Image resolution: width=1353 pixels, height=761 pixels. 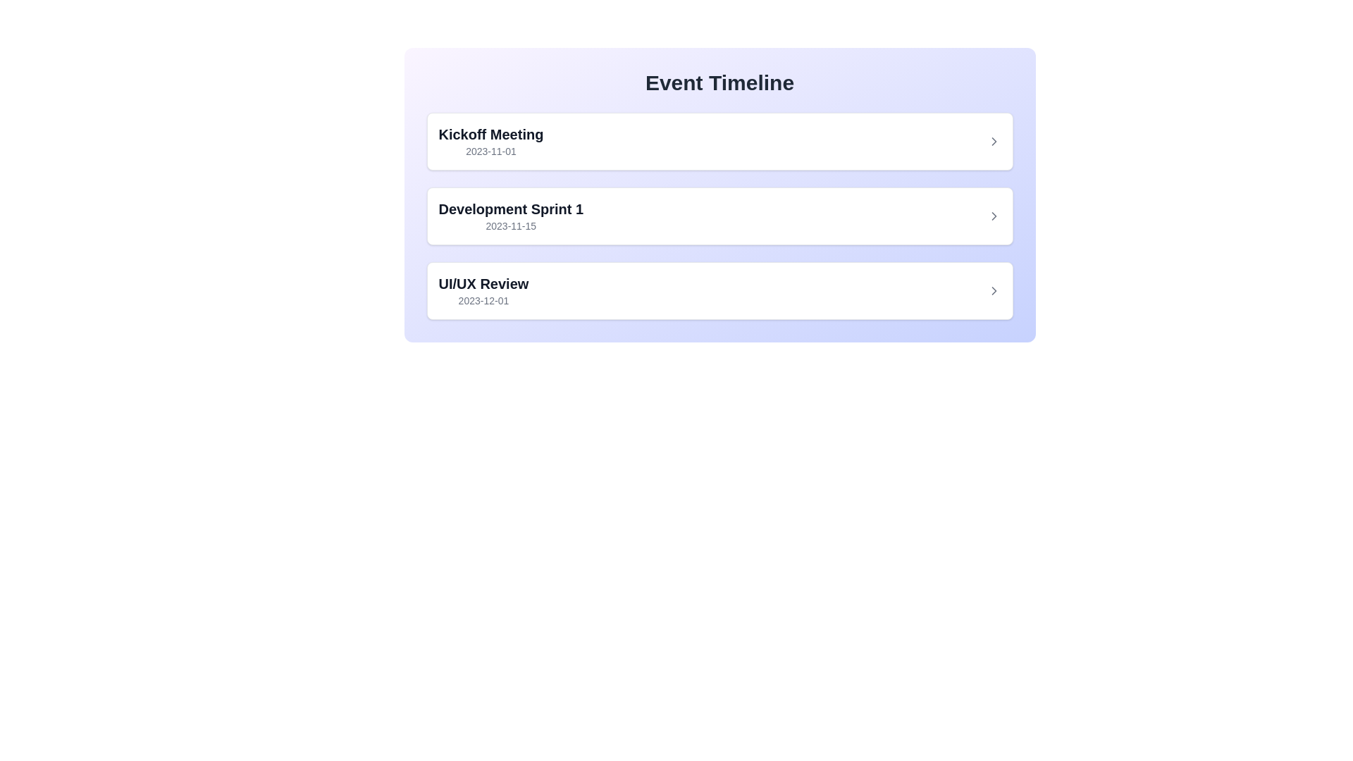 What do you see at coordinates (490, 135) in the screenshot?
I see `the static text label displaying 'Kickoff Meeting', which is styled in bold and located at the upper left of the card layout under the 'Event Timeline' header` at bounding box center [490, 135].